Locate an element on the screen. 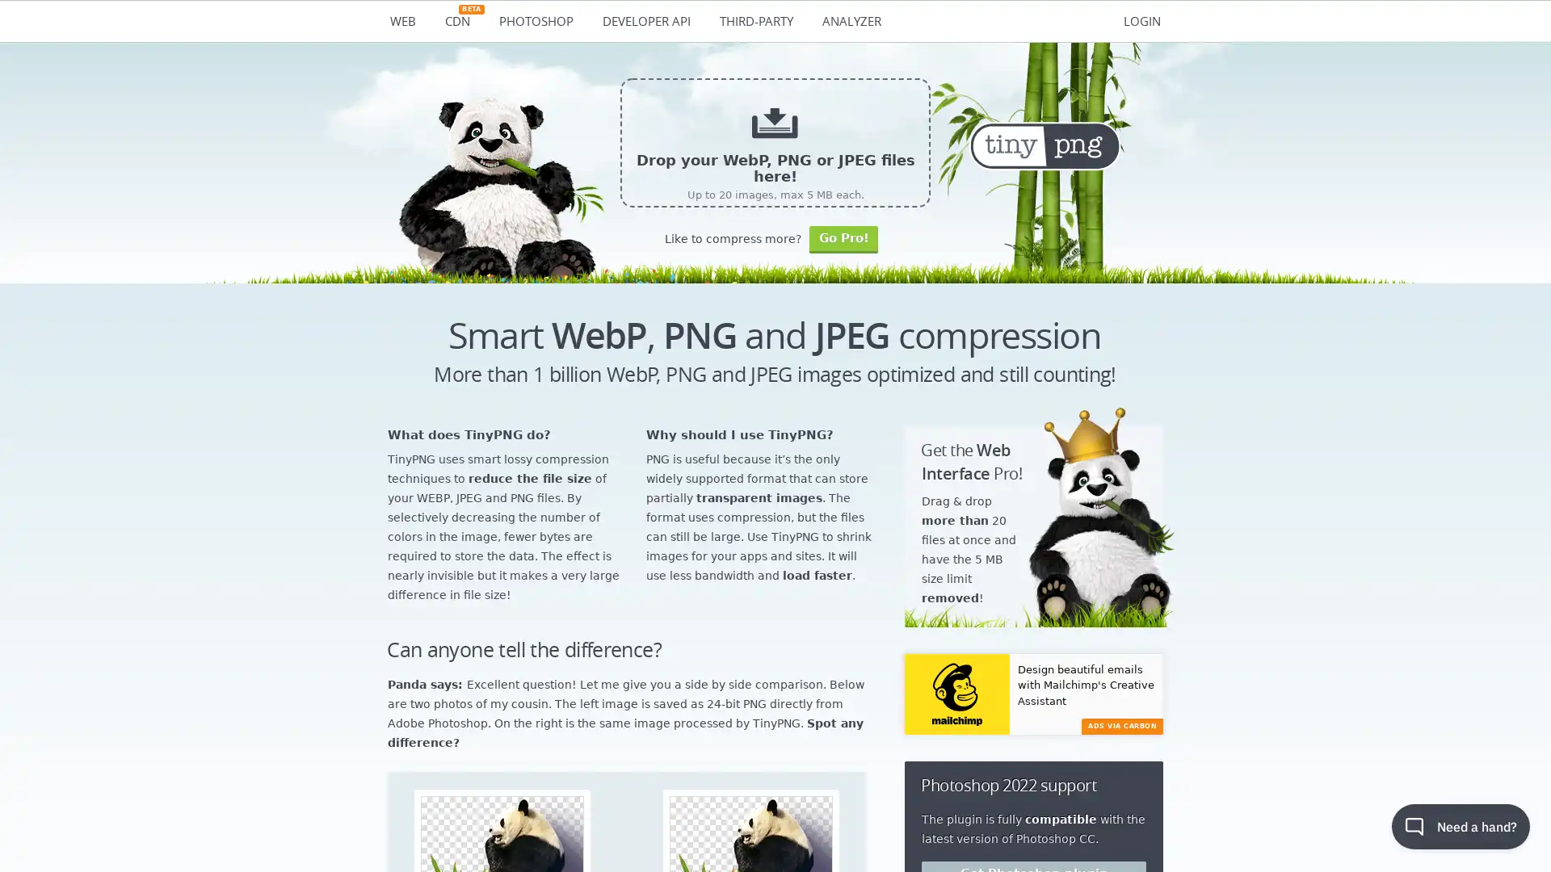  Go Pro! is located at coordinates (842, 239).